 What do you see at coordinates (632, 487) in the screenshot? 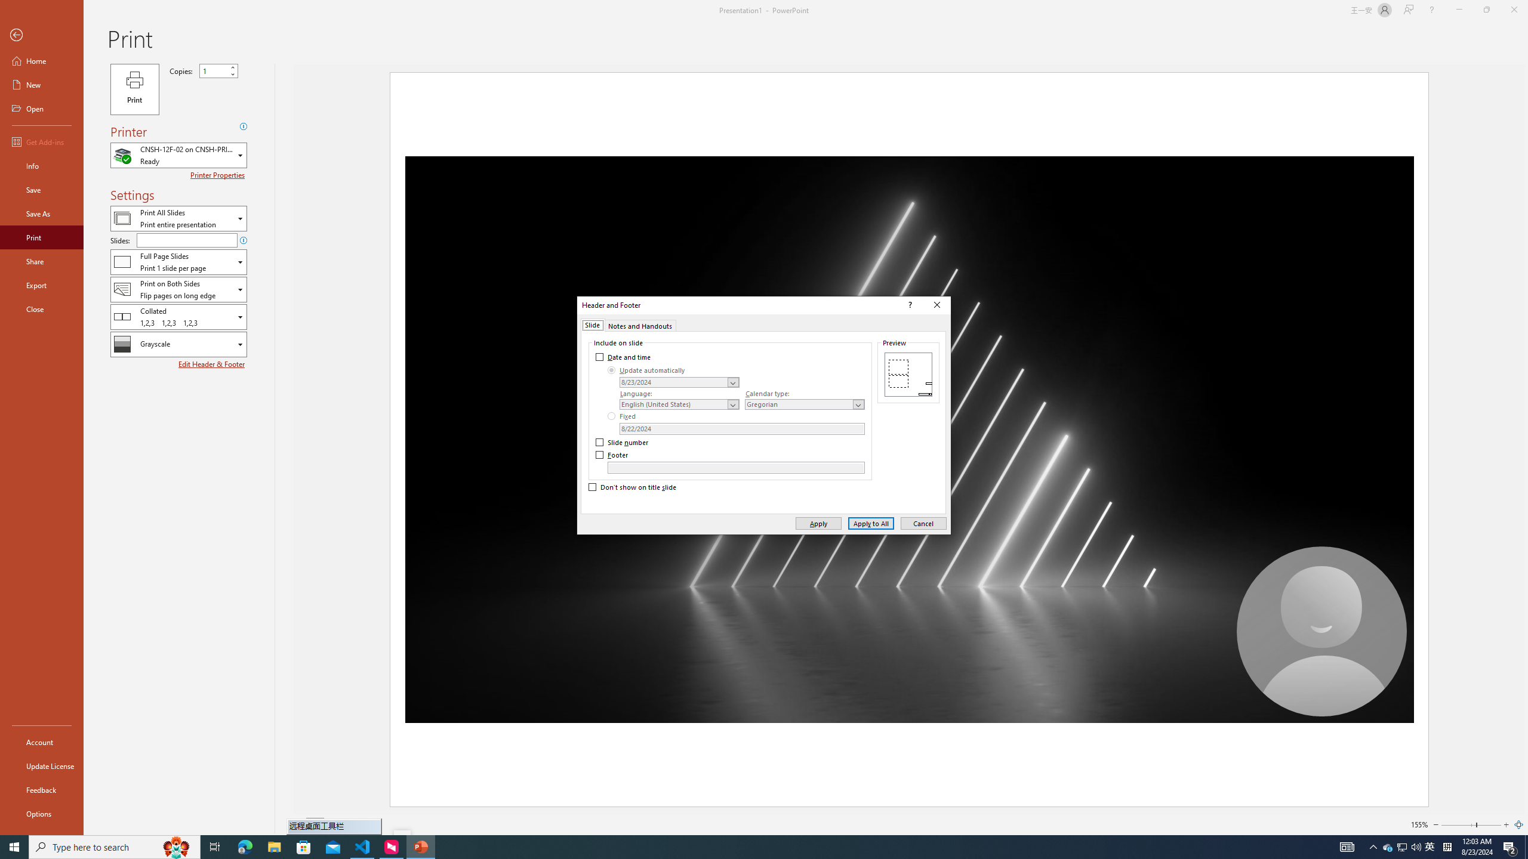
I see `'Don'` at bounding box center [632, 487].